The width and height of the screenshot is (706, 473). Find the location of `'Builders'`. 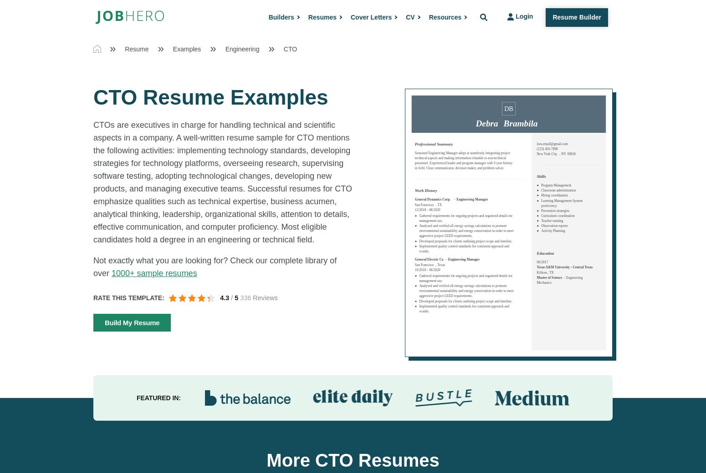

'Builders' is located at coordinates (268, 16).